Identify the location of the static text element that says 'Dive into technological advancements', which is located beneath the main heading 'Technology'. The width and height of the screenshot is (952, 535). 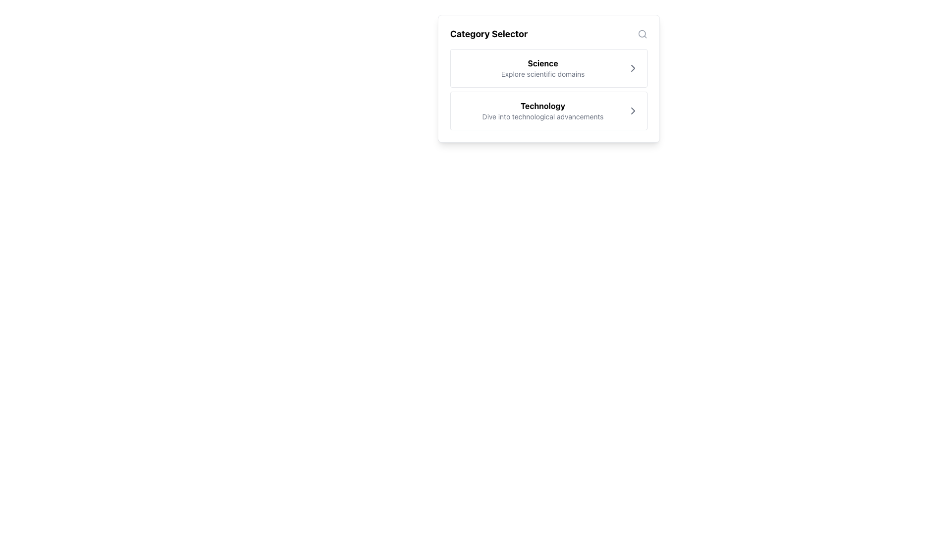
(542, 116).